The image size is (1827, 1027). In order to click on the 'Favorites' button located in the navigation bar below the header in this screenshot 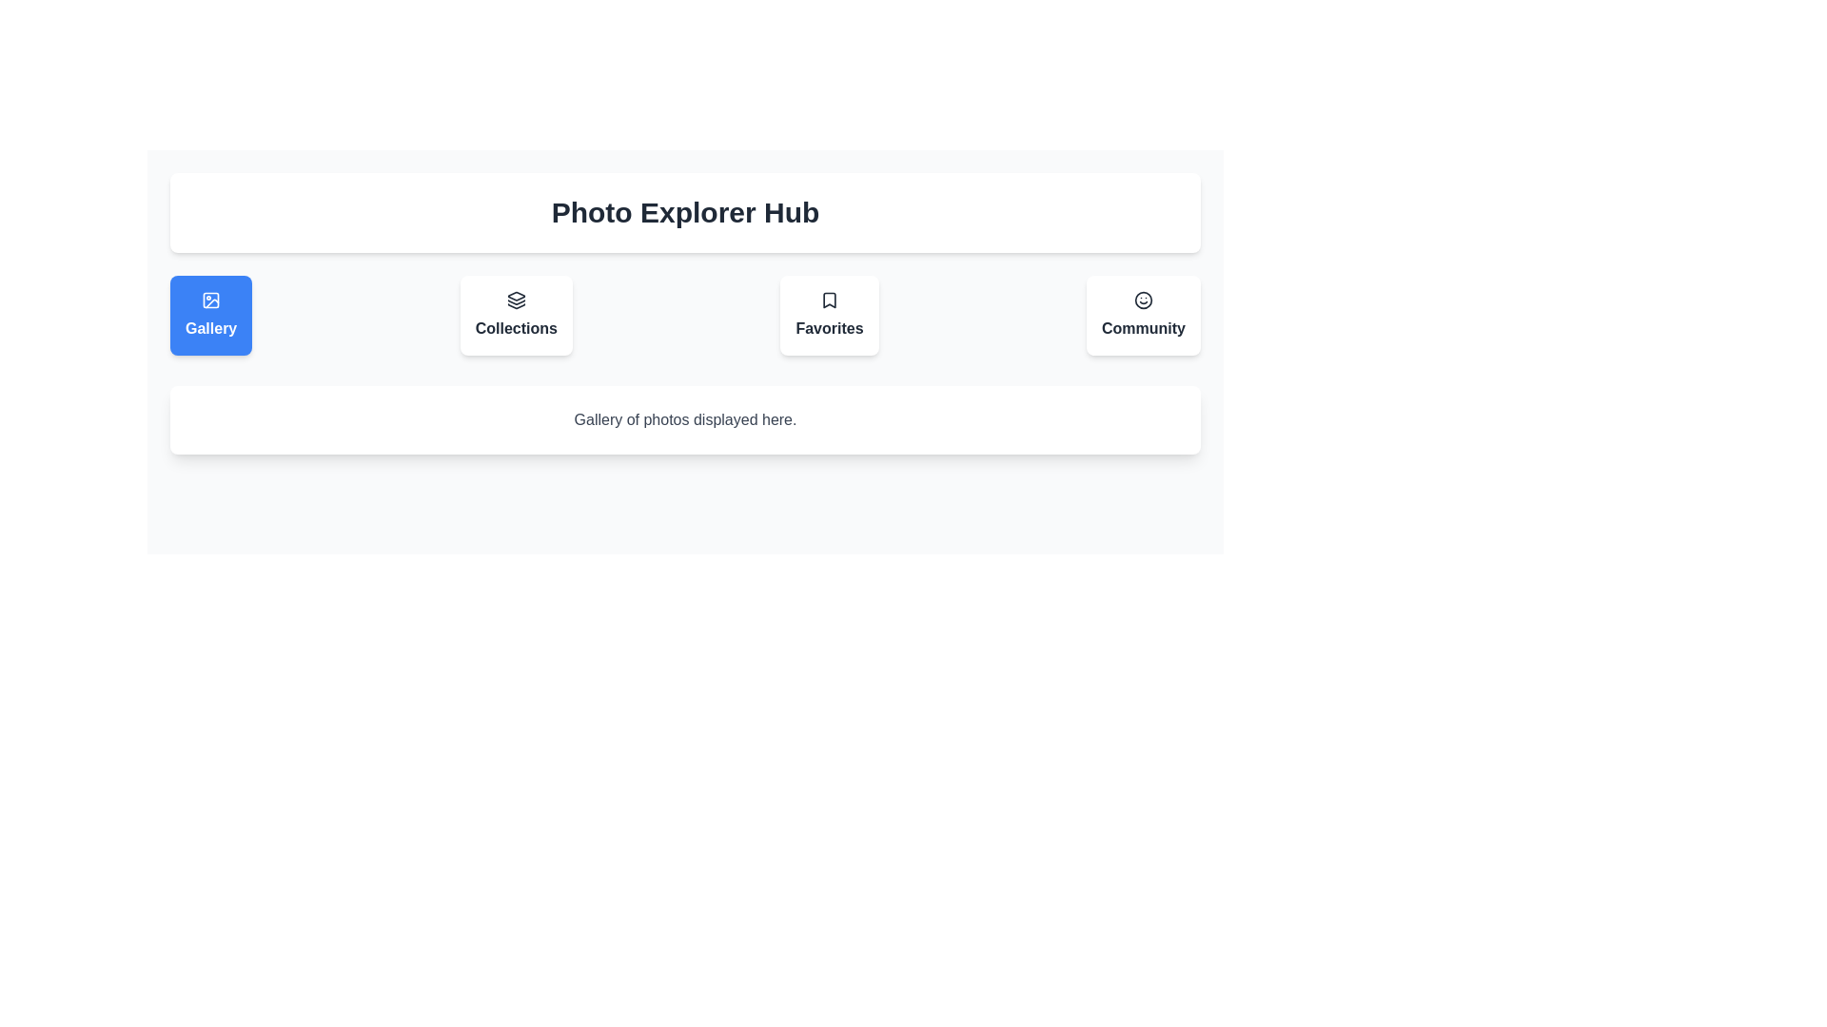, I will do `click(830, 314)`.